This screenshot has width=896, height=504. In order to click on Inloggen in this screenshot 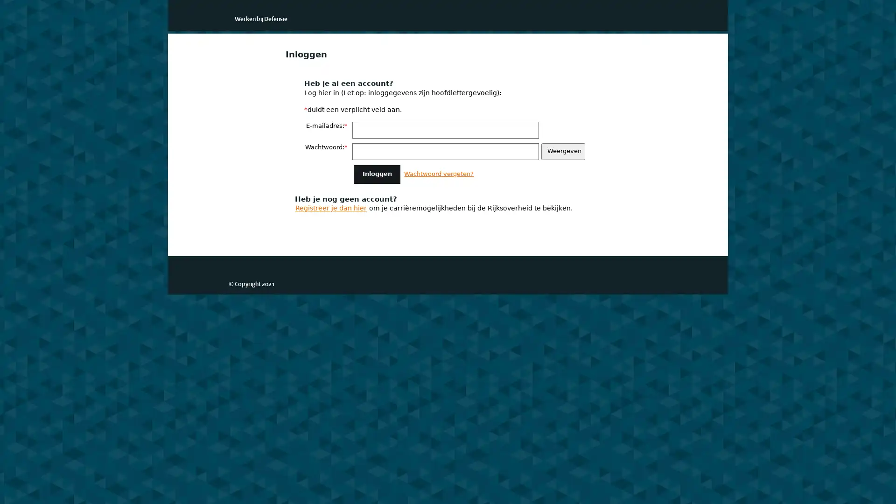, I will do `click(377, 174)`.